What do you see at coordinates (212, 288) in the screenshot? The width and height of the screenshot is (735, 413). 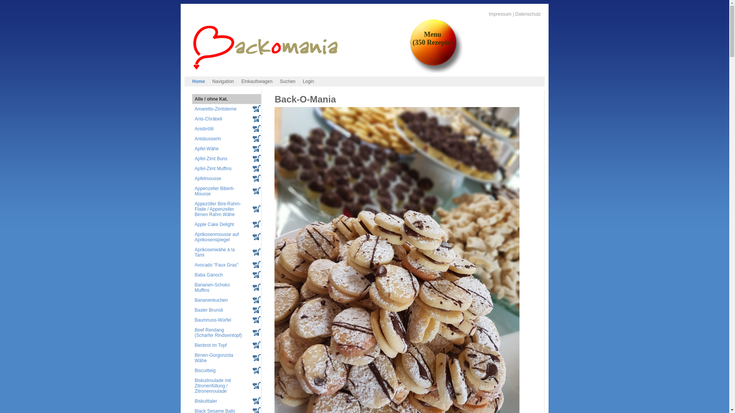 I see `'Bananen-Schoko Muffins'` at bounding box center [212, 288].